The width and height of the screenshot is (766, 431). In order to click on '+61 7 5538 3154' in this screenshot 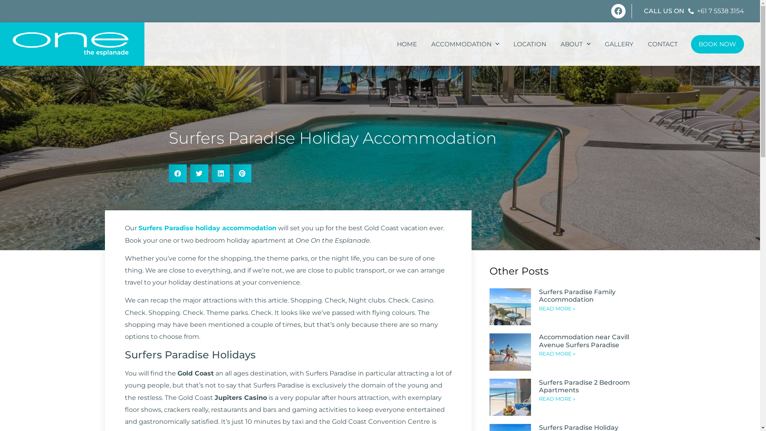, I will do `click(716, 11)`.